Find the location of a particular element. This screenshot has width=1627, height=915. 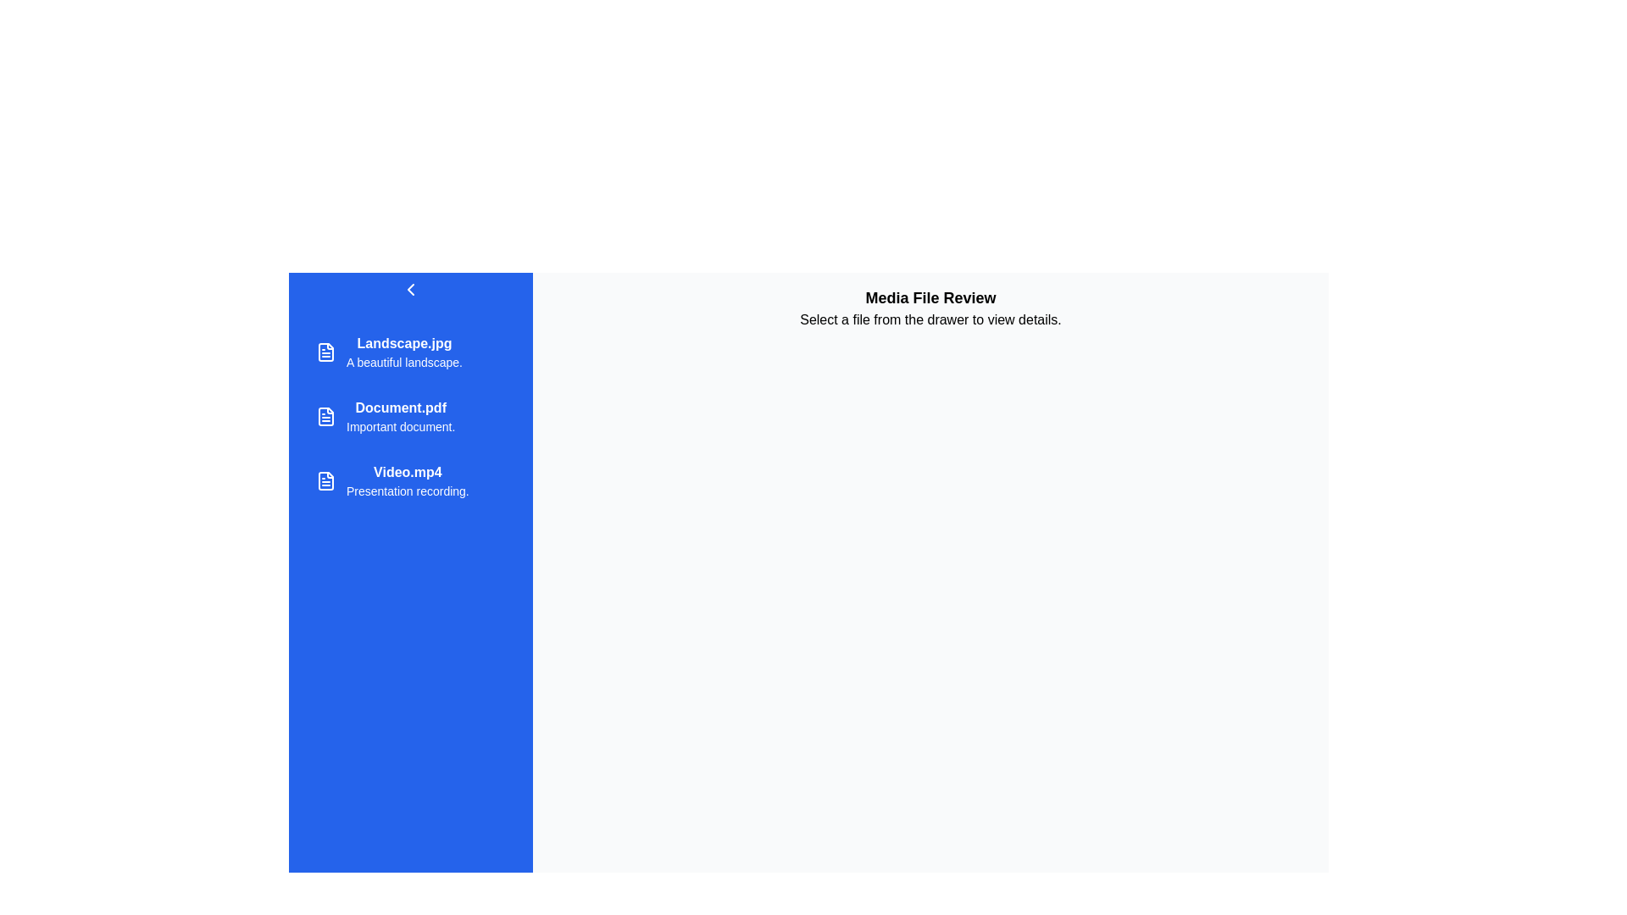

the text label displaying 'Presentation recording.' which is styled in white on a vivid blue background and is positioned below the title 'Video.mp4' in the vertical file list is located at coordinates (408, 491).